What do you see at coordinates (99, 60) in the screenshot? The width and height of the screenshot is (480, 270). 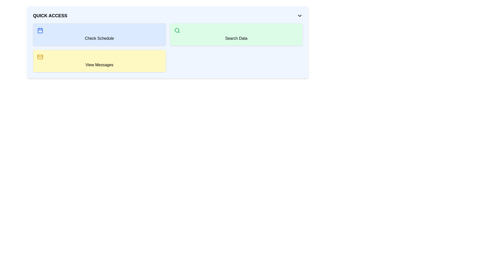 I see `the 'View Messages' button located beneath the 'Check Schedule' item and to the left of the 'Search Data' item` at bounding box center [99, 60].